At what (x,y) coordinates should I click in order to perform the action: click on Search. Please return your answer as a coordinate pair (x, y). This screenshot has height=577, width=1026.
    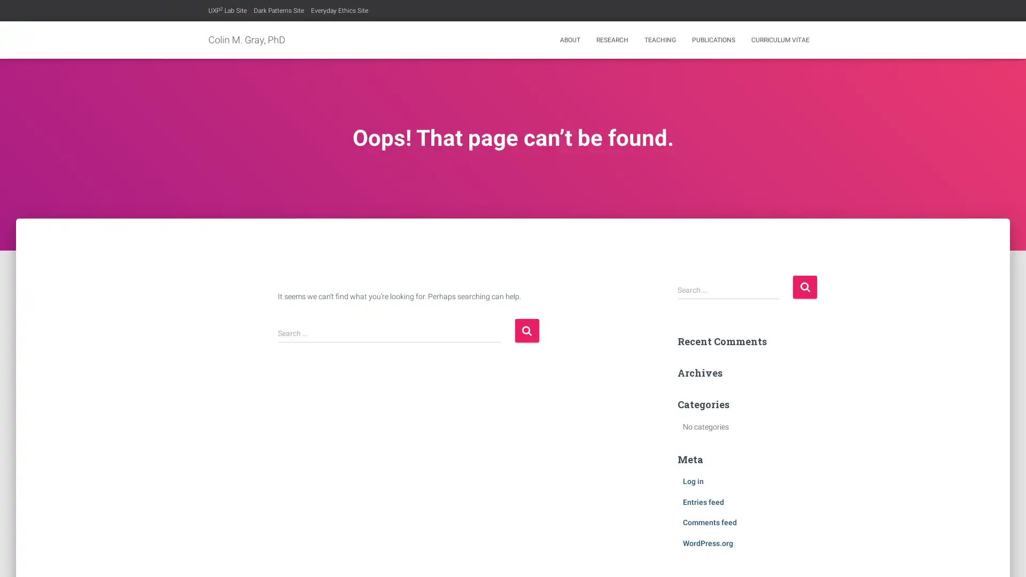
    Looking at the image, I should click on (526, 330).